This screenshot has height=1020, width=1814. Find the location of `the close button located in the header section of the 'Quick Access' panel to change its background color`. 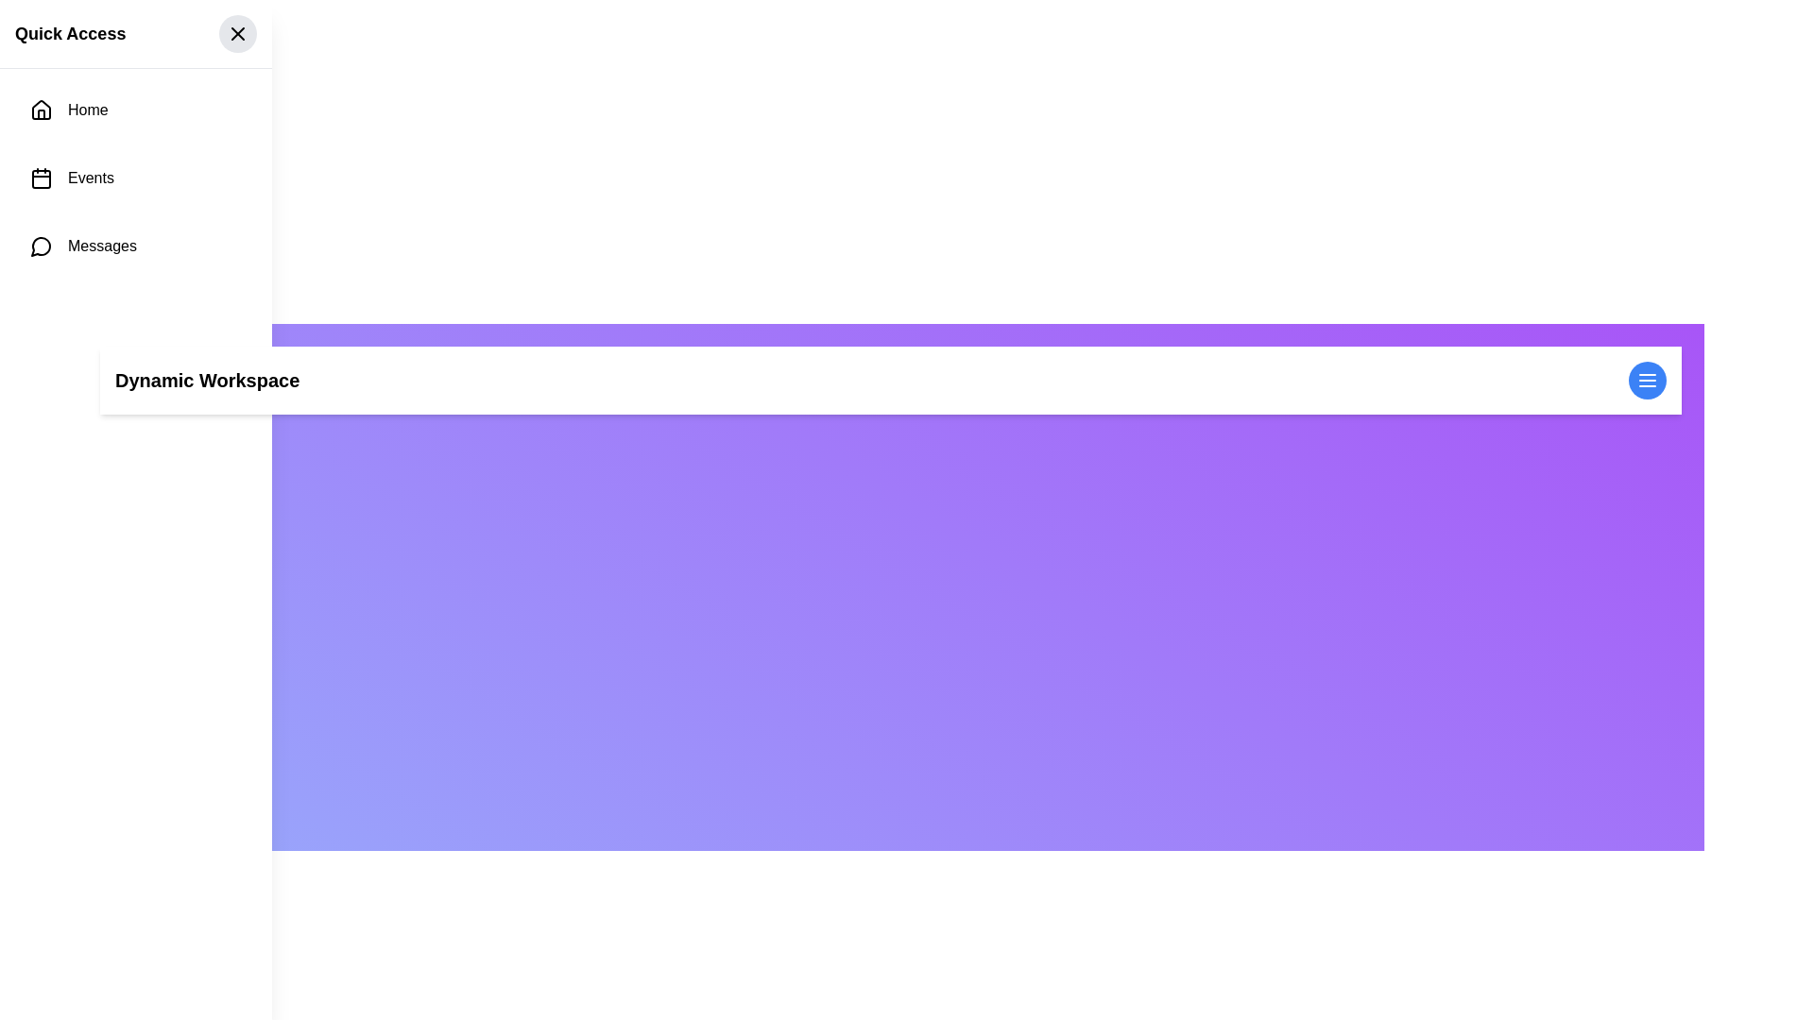

the close button located in the header section of the 'Quick Access' panel to change its background color is located at coordinates (237, 33).